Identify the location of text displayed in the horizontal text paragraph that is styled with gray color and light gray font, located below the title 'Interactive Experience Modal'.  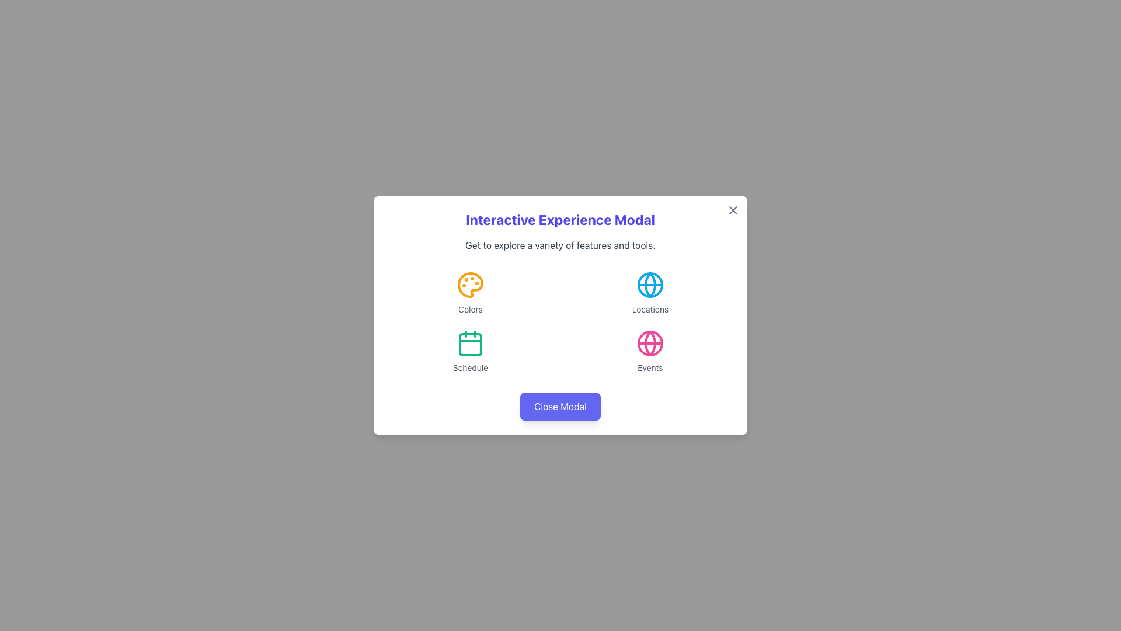
(560, 245).